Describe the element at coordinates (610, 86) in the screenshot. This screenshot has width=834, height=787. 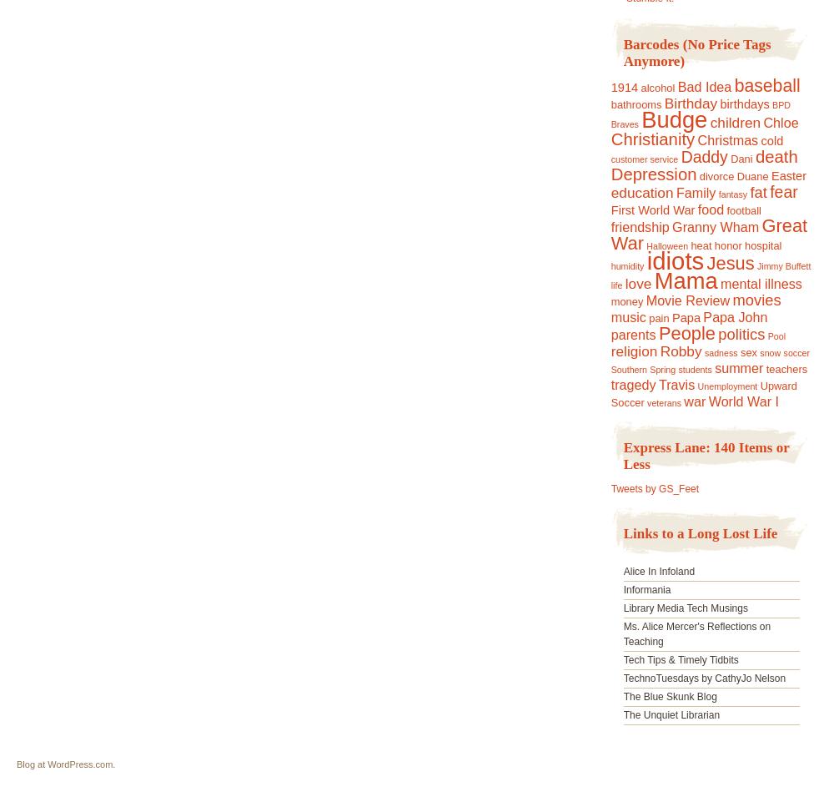
I see `'1914'` at that location.